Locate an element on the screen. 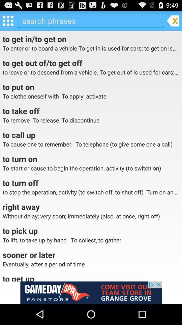 The width and height of the screenshot is (182, 325). menu is located at coordinates (7, 20).